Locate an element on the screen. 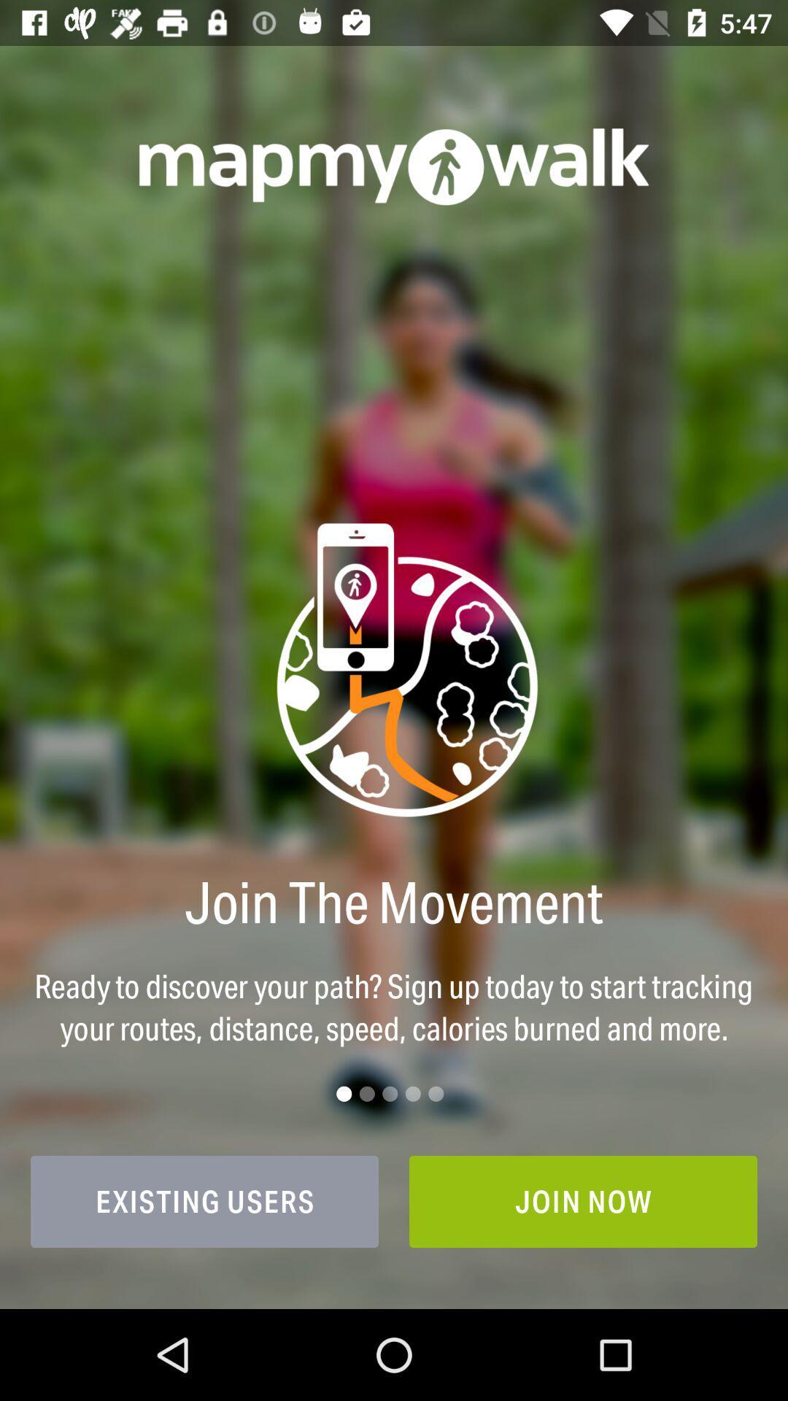 This screenshot has height=1401, width=788. join now item is located at coordinates (582, 1201).